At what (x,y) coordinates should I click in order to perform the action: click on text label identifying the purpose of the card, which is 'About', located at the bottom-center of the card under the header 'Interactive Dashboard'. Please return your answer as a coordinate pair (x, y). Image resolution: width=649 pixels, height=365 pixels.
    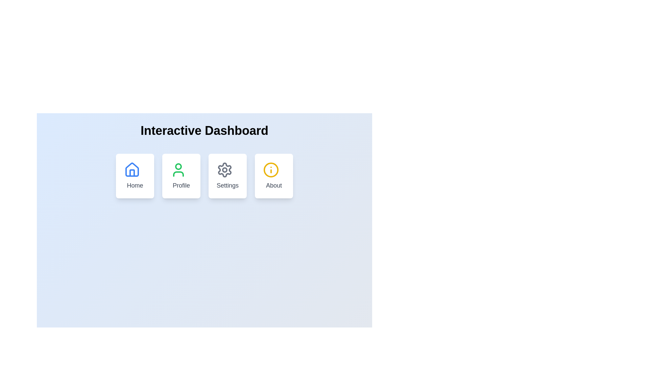
    Looking at the image, I should click on (274, 185).